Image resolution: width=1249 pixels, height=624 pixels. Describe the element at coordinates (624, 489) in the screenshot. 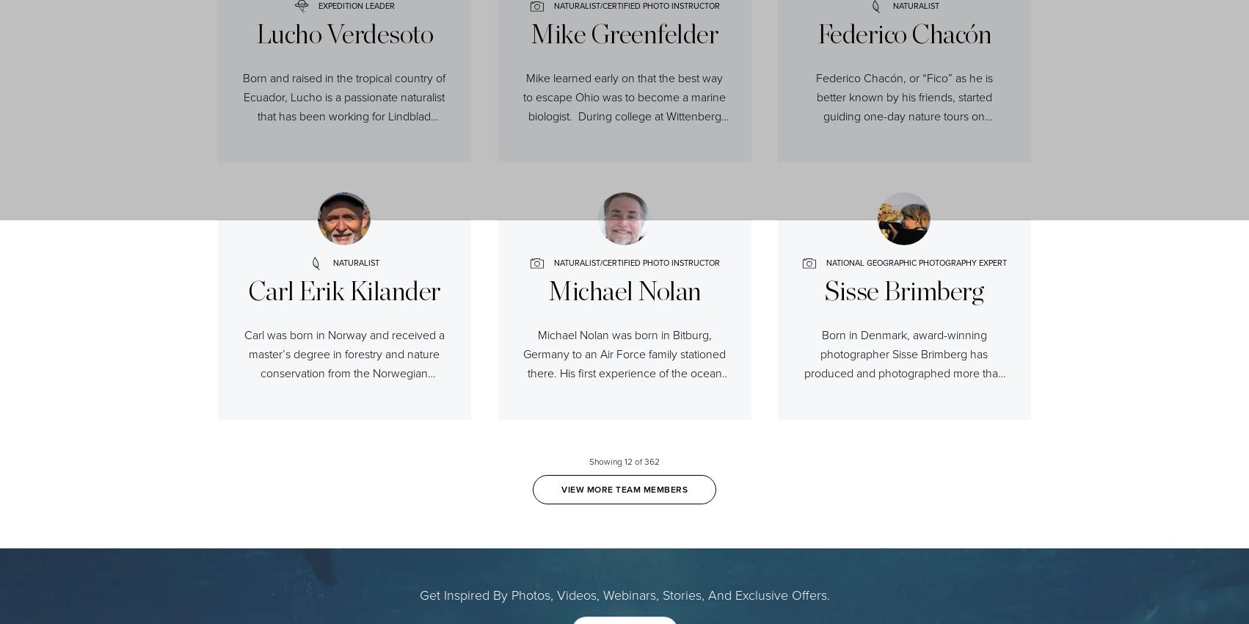

I see `'VIEW MORE TEAM MEMBERS'` at that location.